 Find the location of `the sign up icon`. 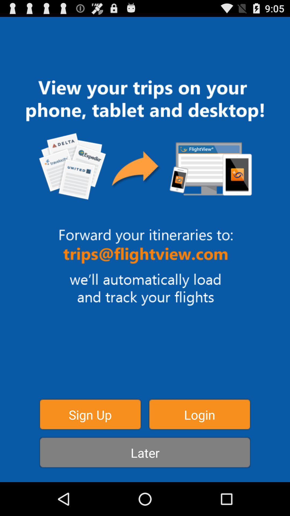

the sign up icon is located at coordinates (90, 414).